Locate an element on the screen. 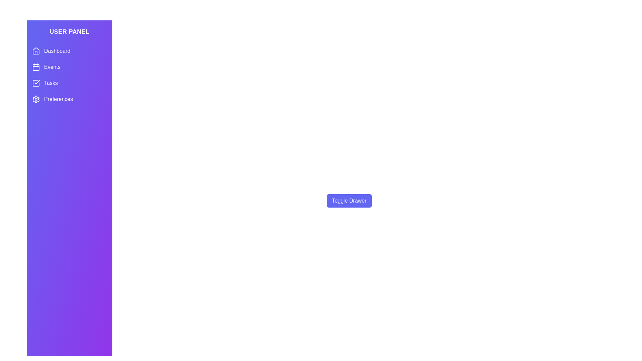 The image size is (642, 361). the menu item Tasks from the menu is located at coordinates (69, 83).